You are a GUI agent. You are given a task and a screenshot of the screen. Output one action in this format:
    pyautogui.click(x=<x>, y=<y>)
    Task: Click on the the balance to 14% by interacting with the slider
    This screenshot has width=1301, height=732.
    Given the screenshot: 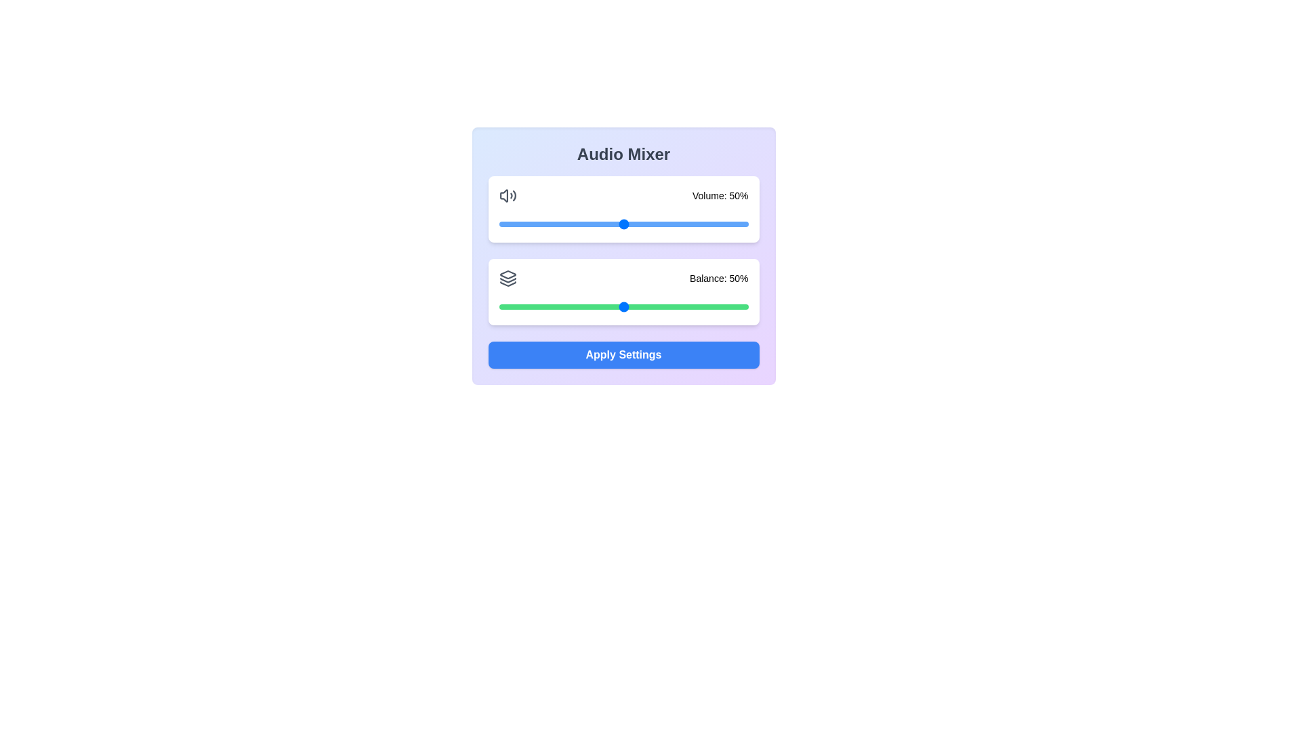 What is the action you would take?
    pyautogui.click(x=533, y=306)
    